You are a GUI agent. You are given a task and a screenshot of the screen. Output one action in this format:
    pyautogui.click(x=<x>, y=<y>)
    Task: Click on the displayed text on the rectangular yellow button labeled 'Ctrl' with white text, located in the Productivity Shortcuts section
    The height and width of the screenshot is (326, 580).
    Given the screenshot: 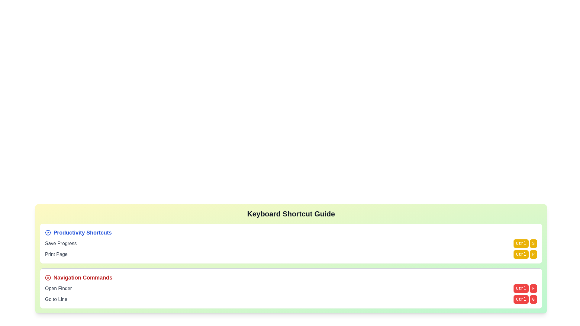 What is the action you would take?
    pyautogui.click(x=520, y=243)
    